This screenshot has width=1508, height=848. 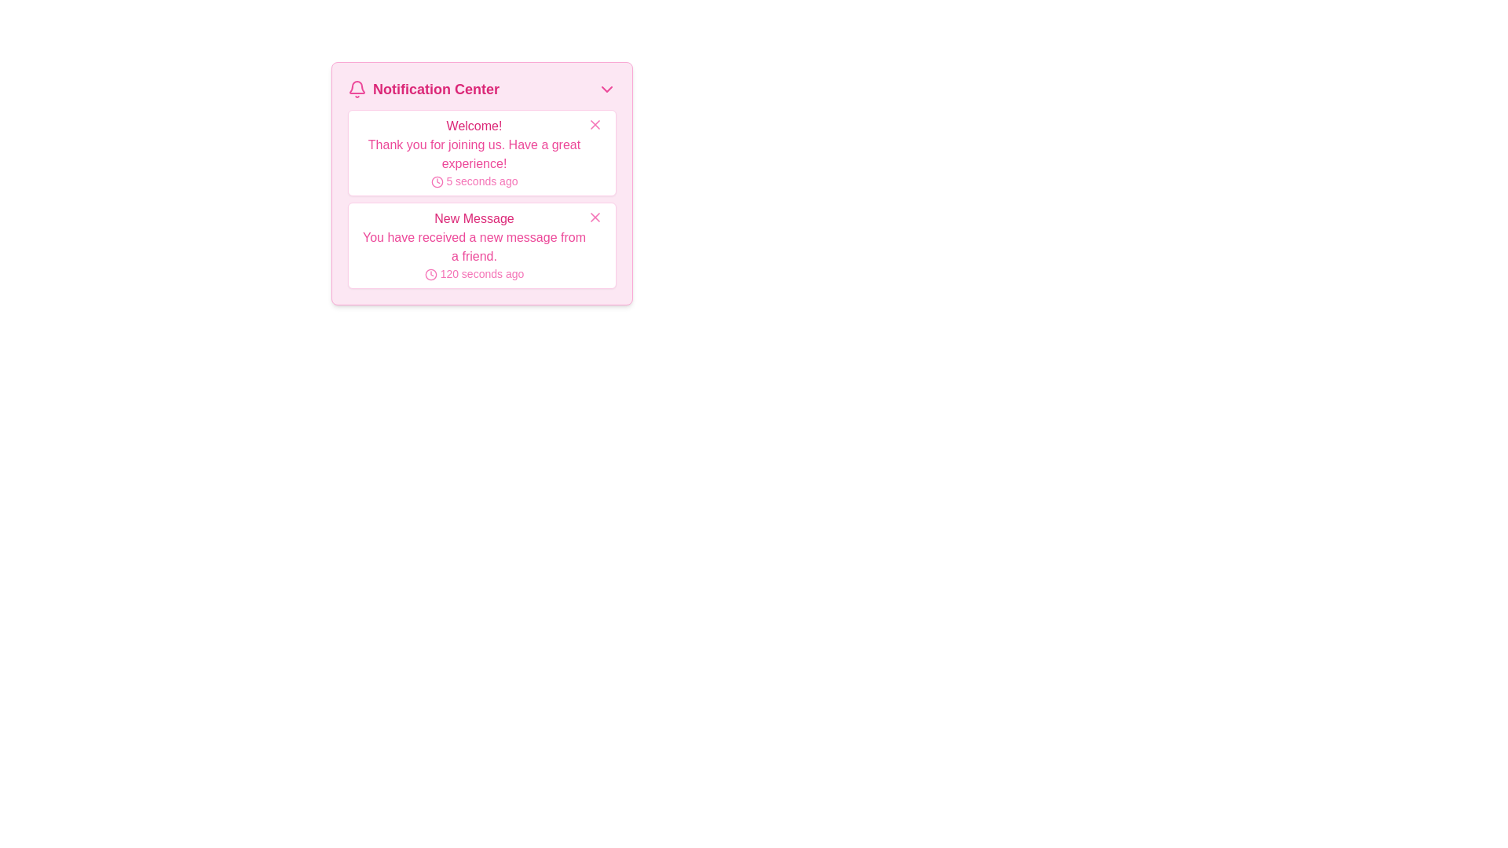 What do you see at coordinates (595, 123) in the screenshot?
I see `the small pink cross icon button located in the upper-right corner of the 'Welcome!' notification card` at bounding box center [595, 123].